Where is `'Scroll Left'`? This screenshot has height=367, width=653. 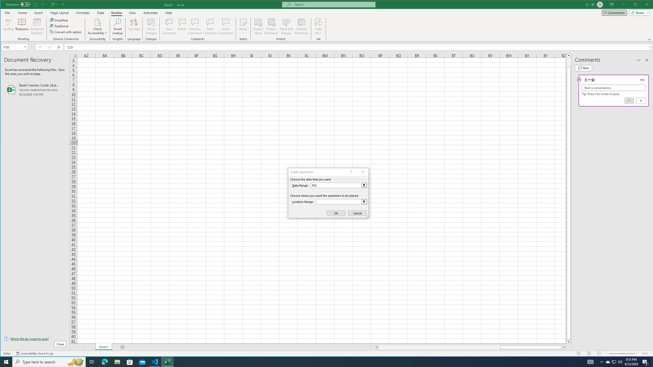
'Scroll Left' is located at coordinates (77, 347).